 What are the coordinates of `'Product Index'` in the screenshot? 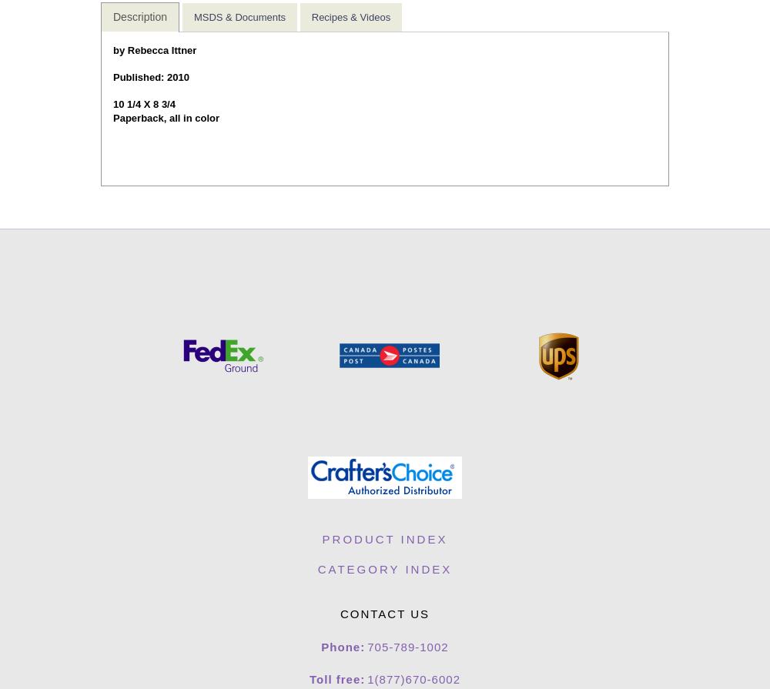 It's located at (383, 538).